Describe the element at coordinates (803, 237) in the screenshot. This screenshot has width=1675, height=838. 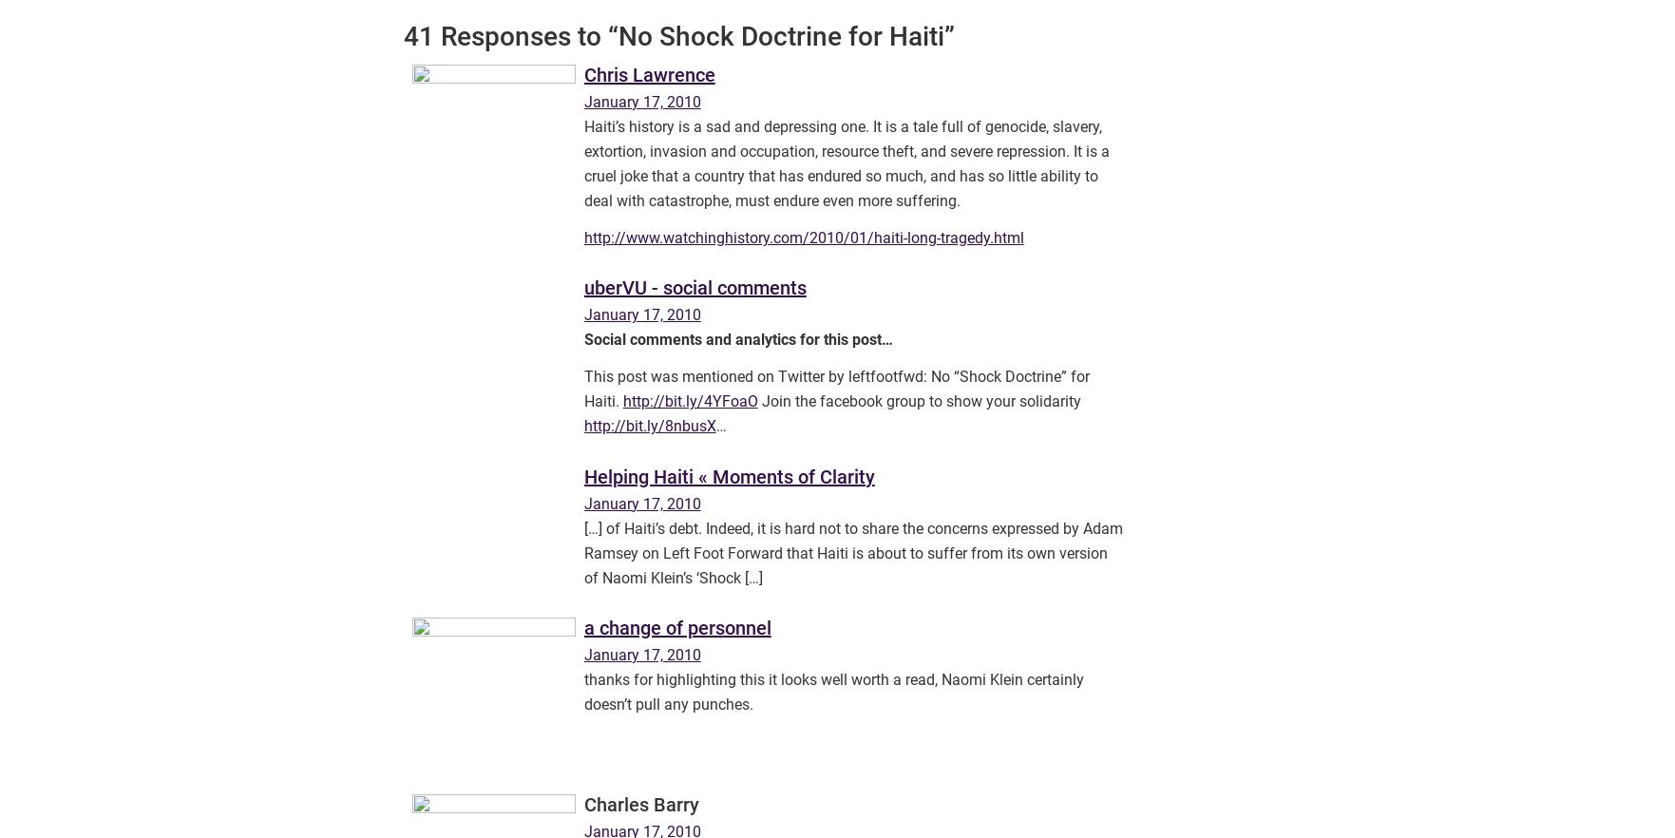
I see `'http://www.watchinghistory.com/2010/01/haiti-long-tragedy.html'` at that location.